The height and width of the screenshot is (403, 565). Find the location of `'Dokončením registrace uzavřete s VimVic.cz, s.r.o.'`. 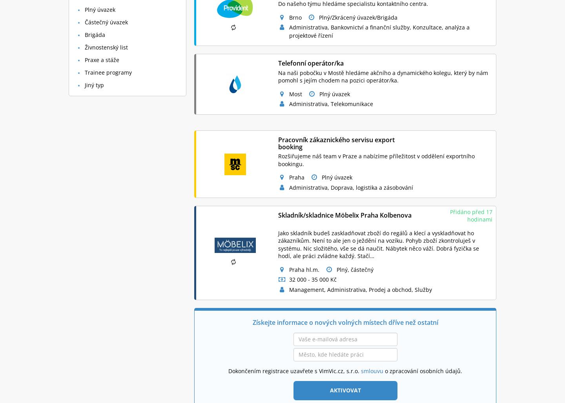

'Dokončením registrace uzavřete s VimVic.cz, s.r.o.' is located at coordinates (228, 370).